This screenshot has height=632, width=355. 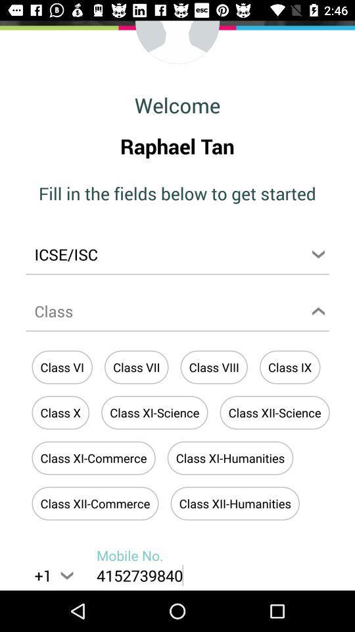 I want to click on go back, so click(x=177, y=43).